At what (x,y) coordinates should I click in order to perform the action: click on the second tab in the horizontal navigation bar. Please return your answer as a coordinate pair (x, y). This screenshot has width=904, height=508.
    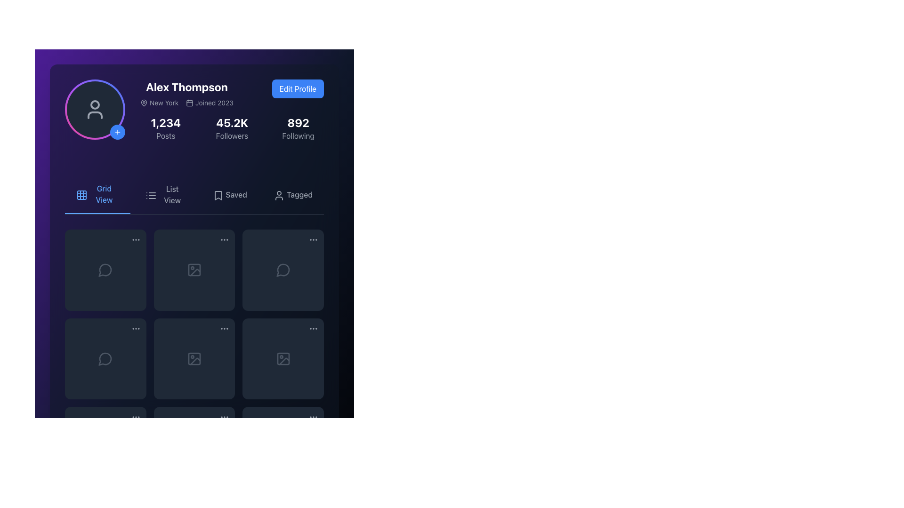
    Looking at the image, I should click on (166, 194).